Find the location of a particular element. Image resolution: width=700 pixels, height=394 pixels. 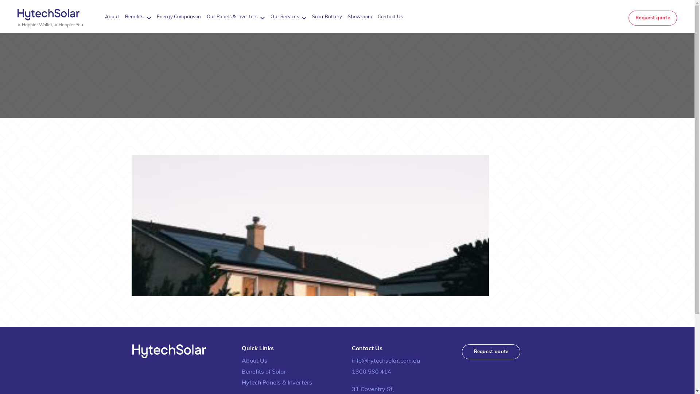

'About Us' is located at coordinates (292, 361).